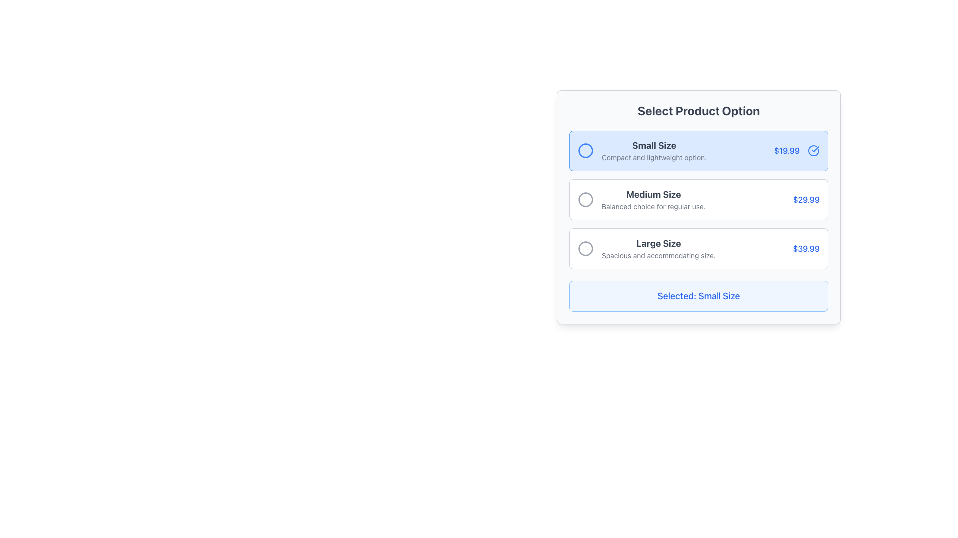 Image resolution: width=958 pixels, height=538 pixels. What do you see at coordinates (586, 200) in the screenshot?
I see `the circular SVG graphic indicating the selection status of the 'Medium Size' option by using keyboard navigation to select it` at bounding box center [586, 200].